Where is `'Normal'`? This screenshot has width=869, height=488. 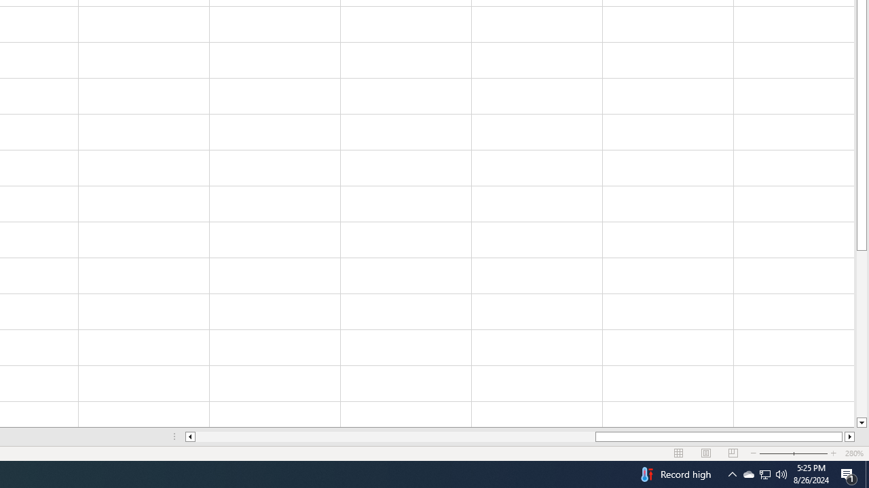
'Normal' is located at coordinates (679, 453).